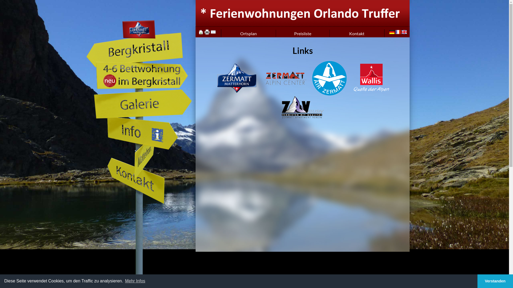 The width and height of the screenshot is (513, 288). What do you see at coordinates (302, 33) in the screenshot?
I see `'Preisliste'` at bounding box center [302, 33].